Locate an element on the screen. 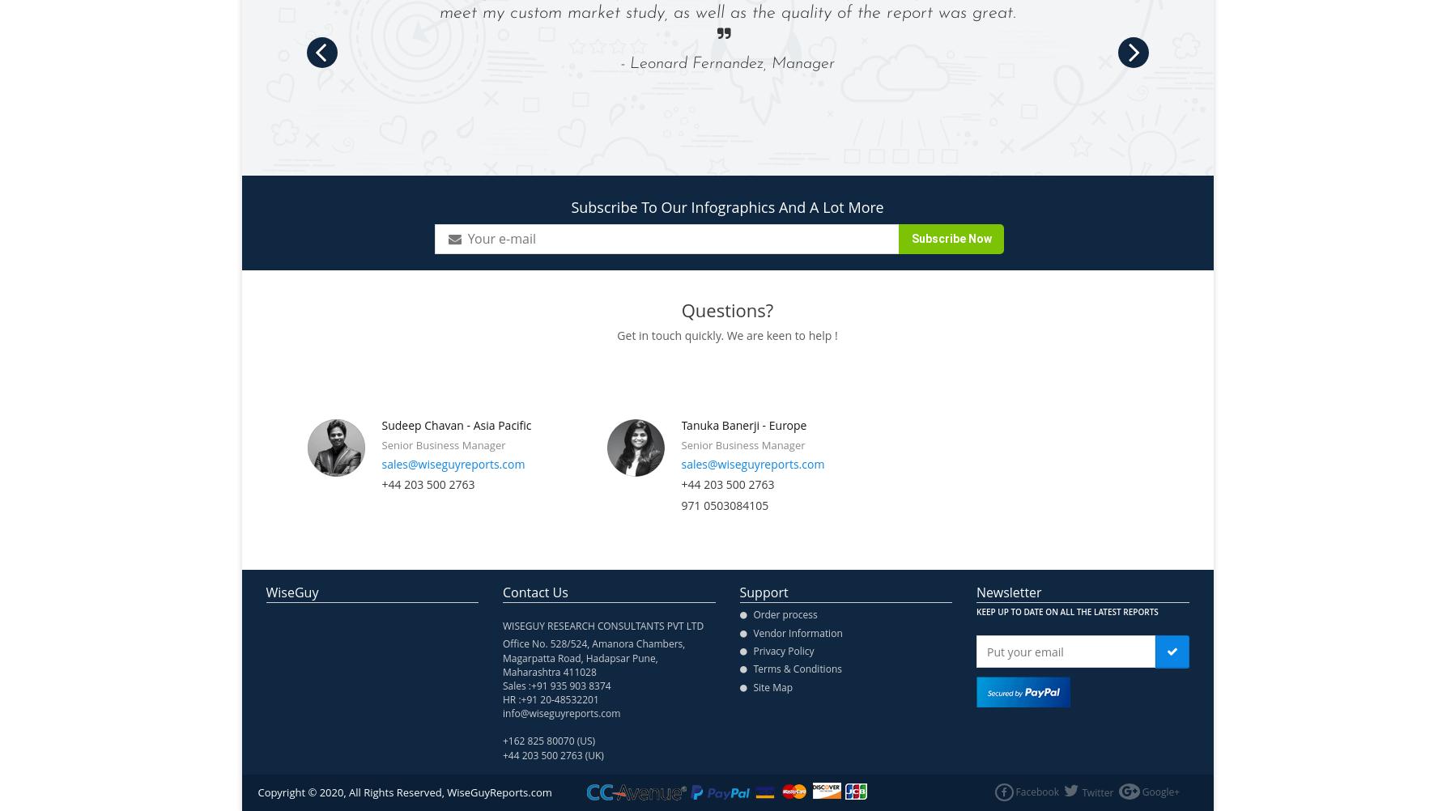 This screenshot has height=811, width=1455. 'info@wiseguyreports.com' is located at coordinates (561, 713).